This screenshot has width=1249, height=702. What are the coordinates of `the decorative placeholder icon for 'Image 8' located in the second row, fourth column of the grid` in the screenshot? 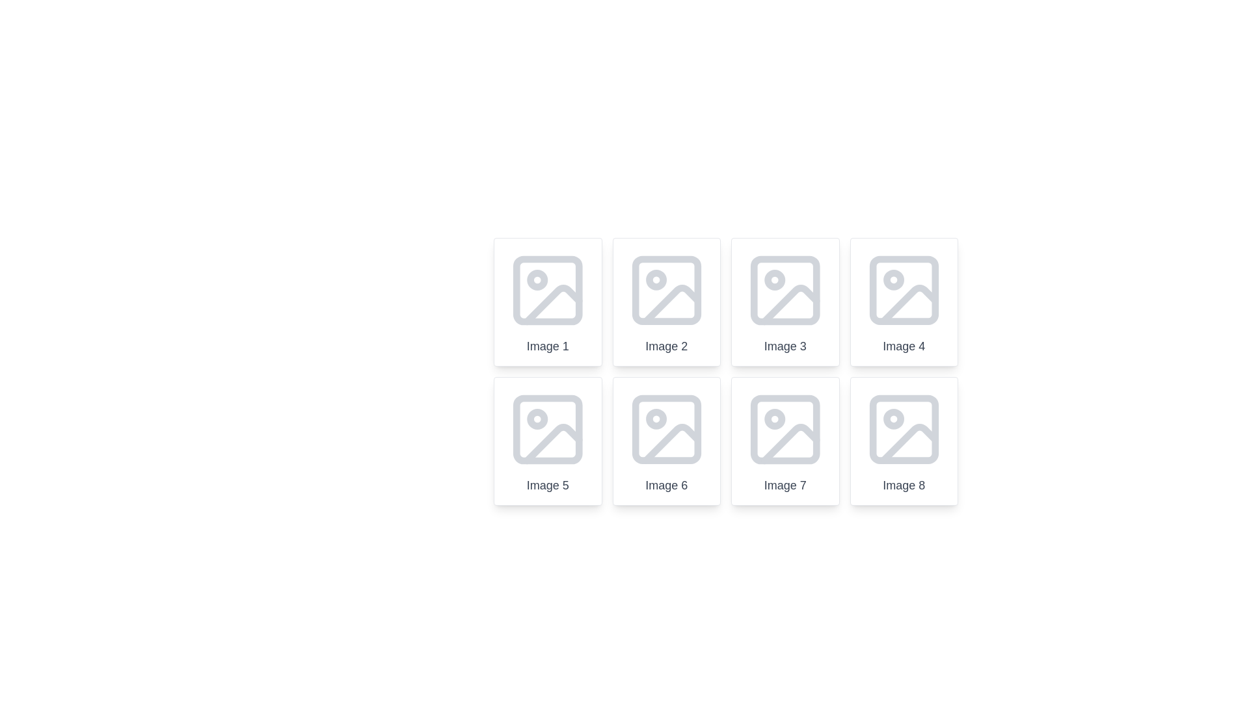 It's located at (903, 429).